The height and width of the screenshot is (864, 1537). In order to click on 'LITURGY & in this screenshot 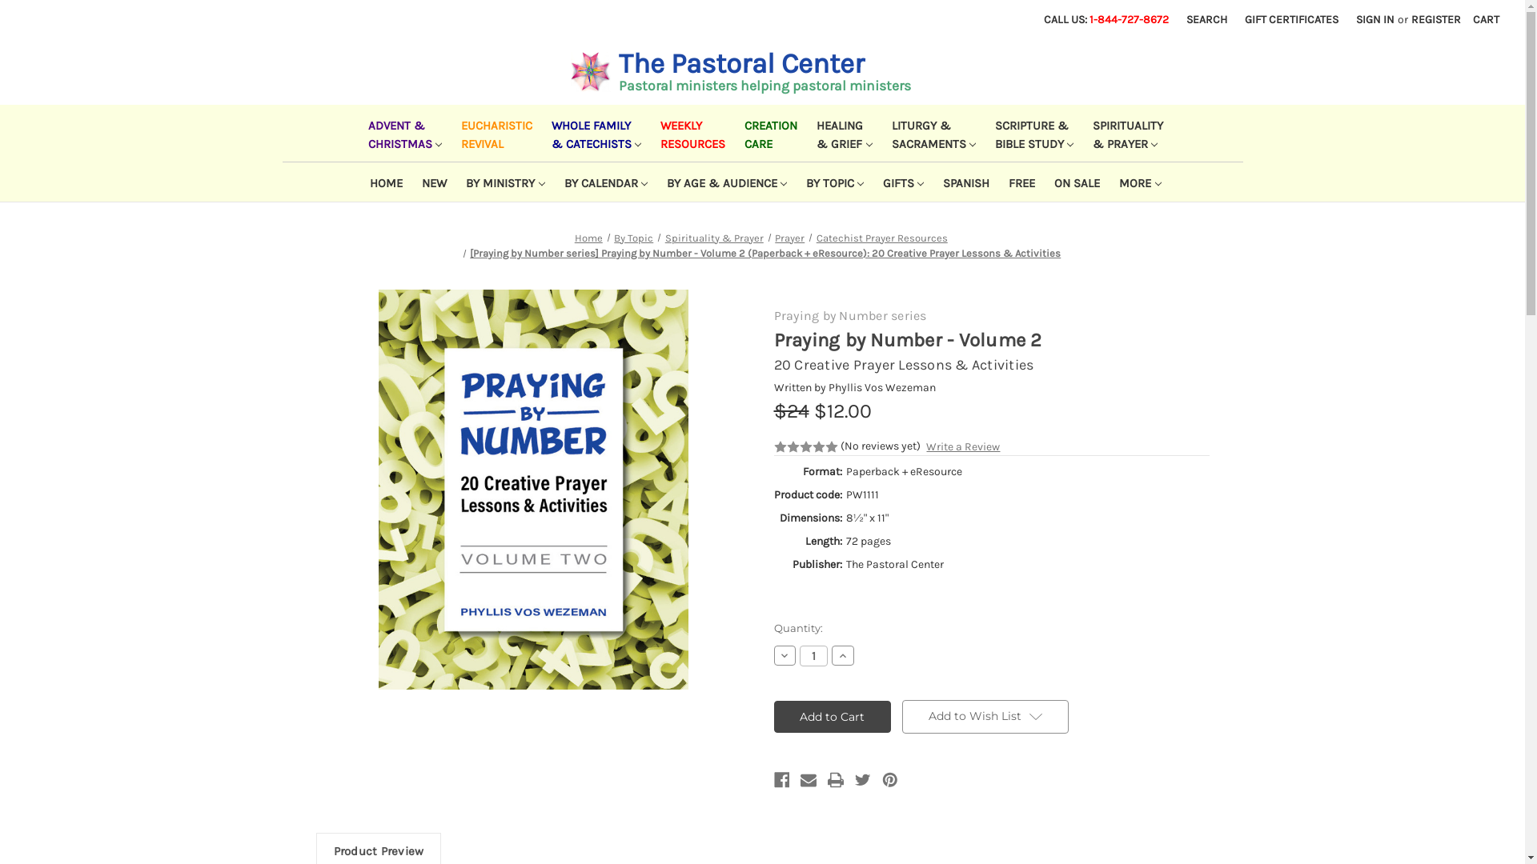, I will do `click(930, 132)`.